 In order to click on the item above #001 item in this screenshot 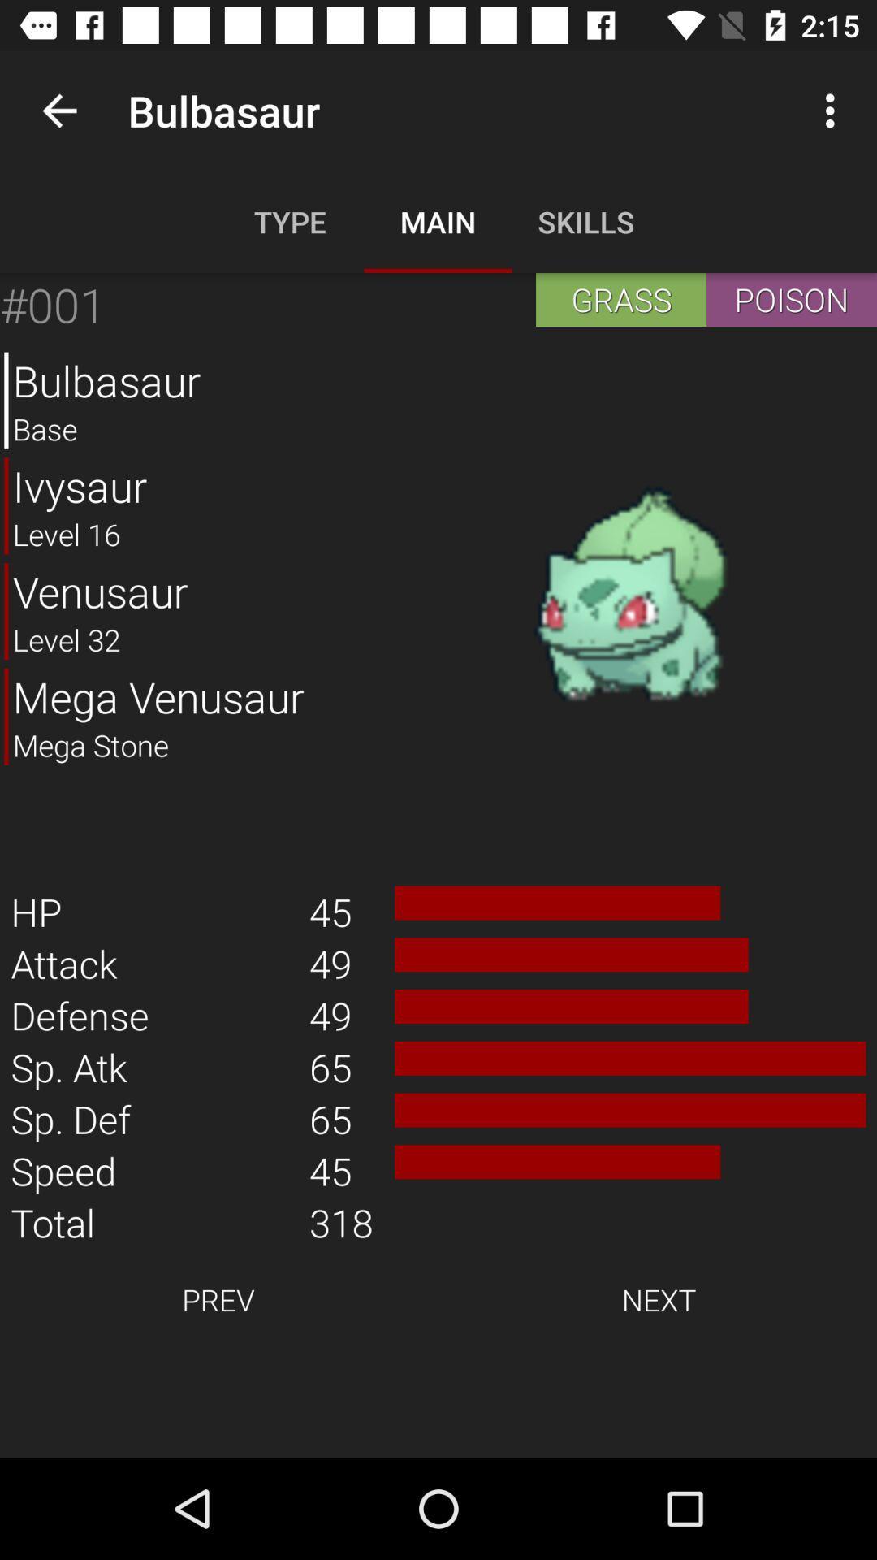, I will do `click(58, 110)`.